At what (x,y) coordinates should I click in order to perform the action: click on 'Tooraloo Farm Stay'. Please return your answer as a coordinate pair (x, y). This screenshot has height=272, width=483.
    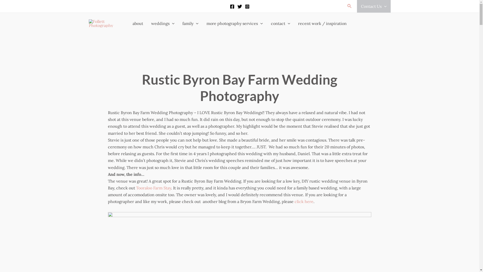
    Looking at the image, I should click on (153, 188).